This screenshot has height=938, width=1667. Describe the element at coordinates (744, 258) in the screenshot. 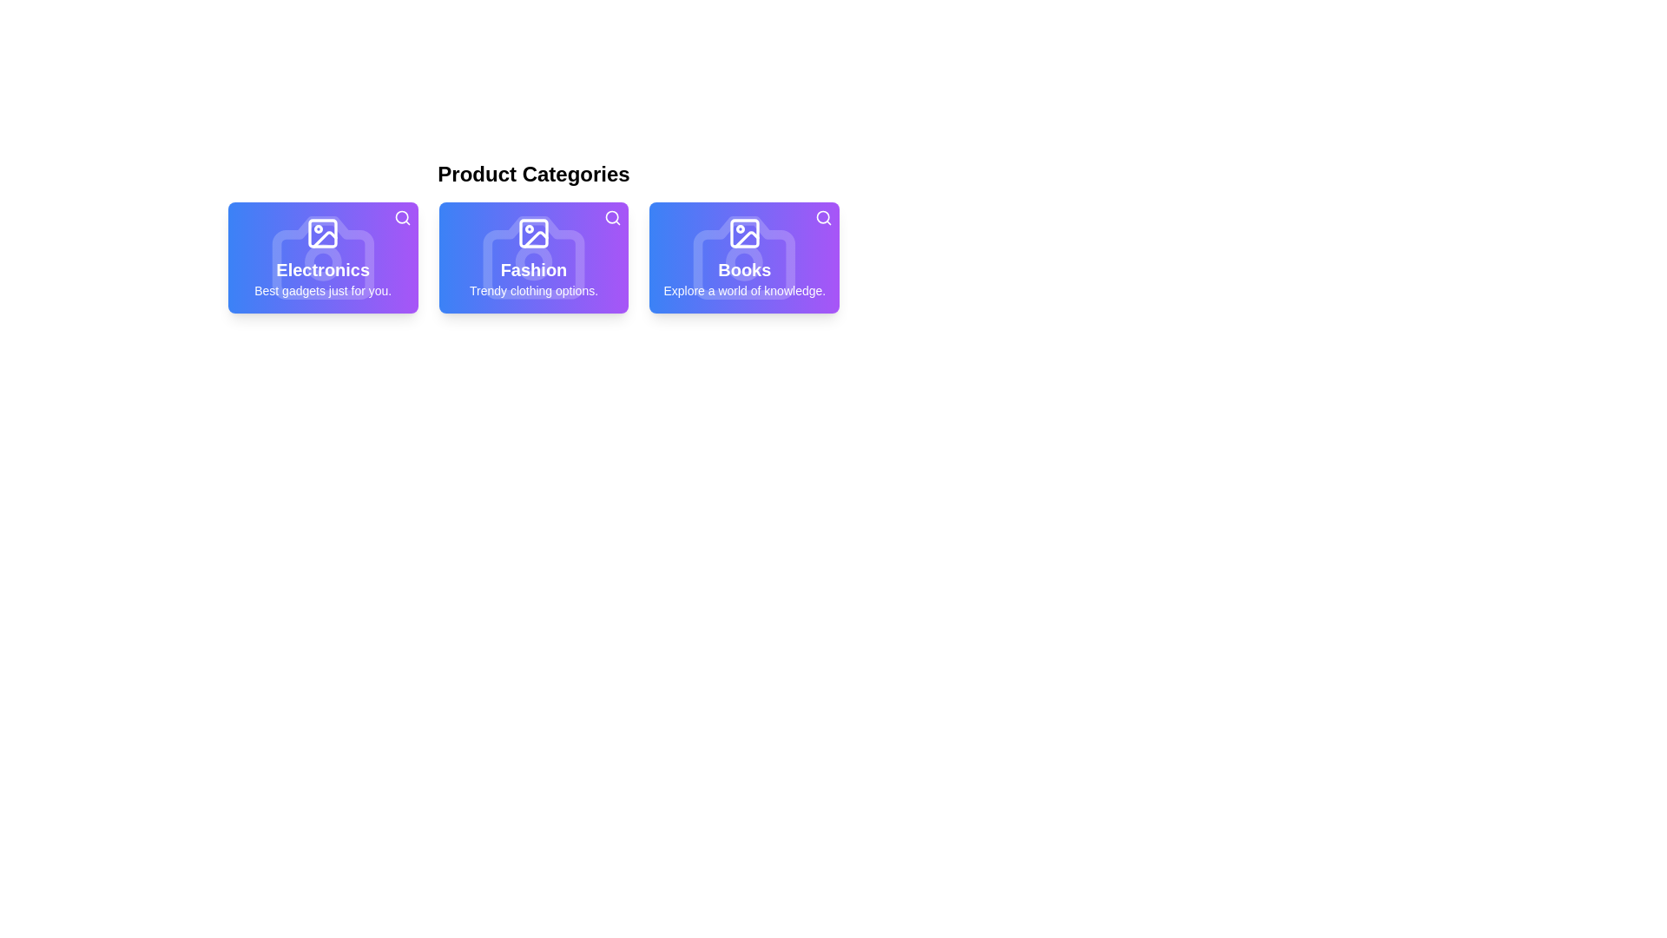

I see `the third card in the 'Product Categories' section that represents the navigation option for books-related content to trigger visual effects` at that location.